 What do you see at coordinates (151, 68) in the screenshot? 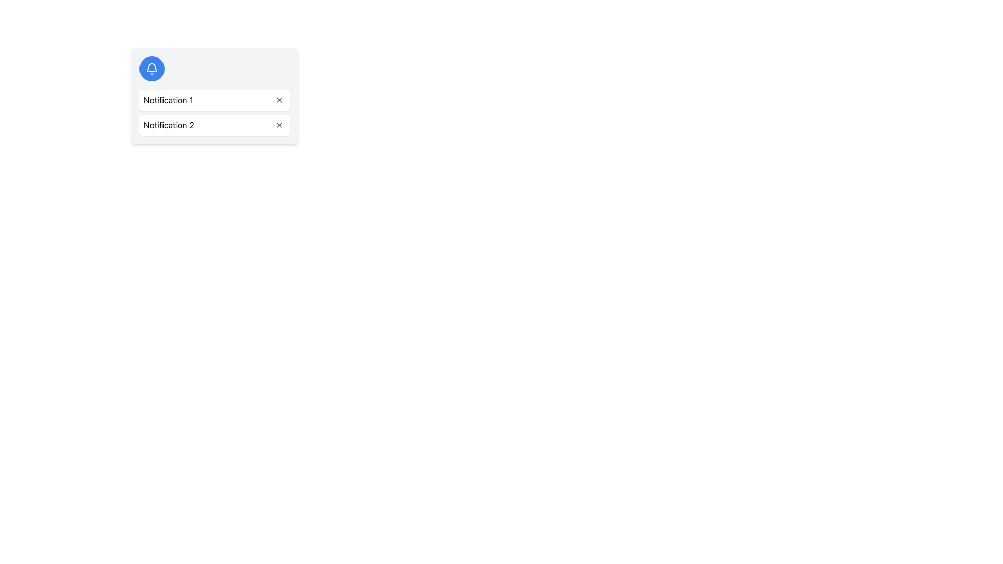
I see `the modern bell icon located at the top-left region of the interface, which is part of a clickable circular button, above the notifications labeled 'Notification 1' and 'Notification 2'` at bounding box center [151, 68].